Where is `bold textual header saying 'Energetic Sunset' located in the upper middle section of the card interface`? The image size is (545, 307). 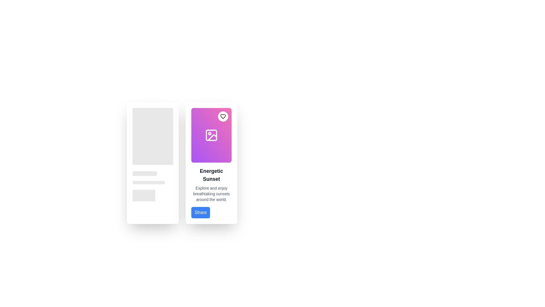 bold textual header saying 'Energetic Sunset' located in the upper middle section of the card interface is located at coordinates (211, 175).